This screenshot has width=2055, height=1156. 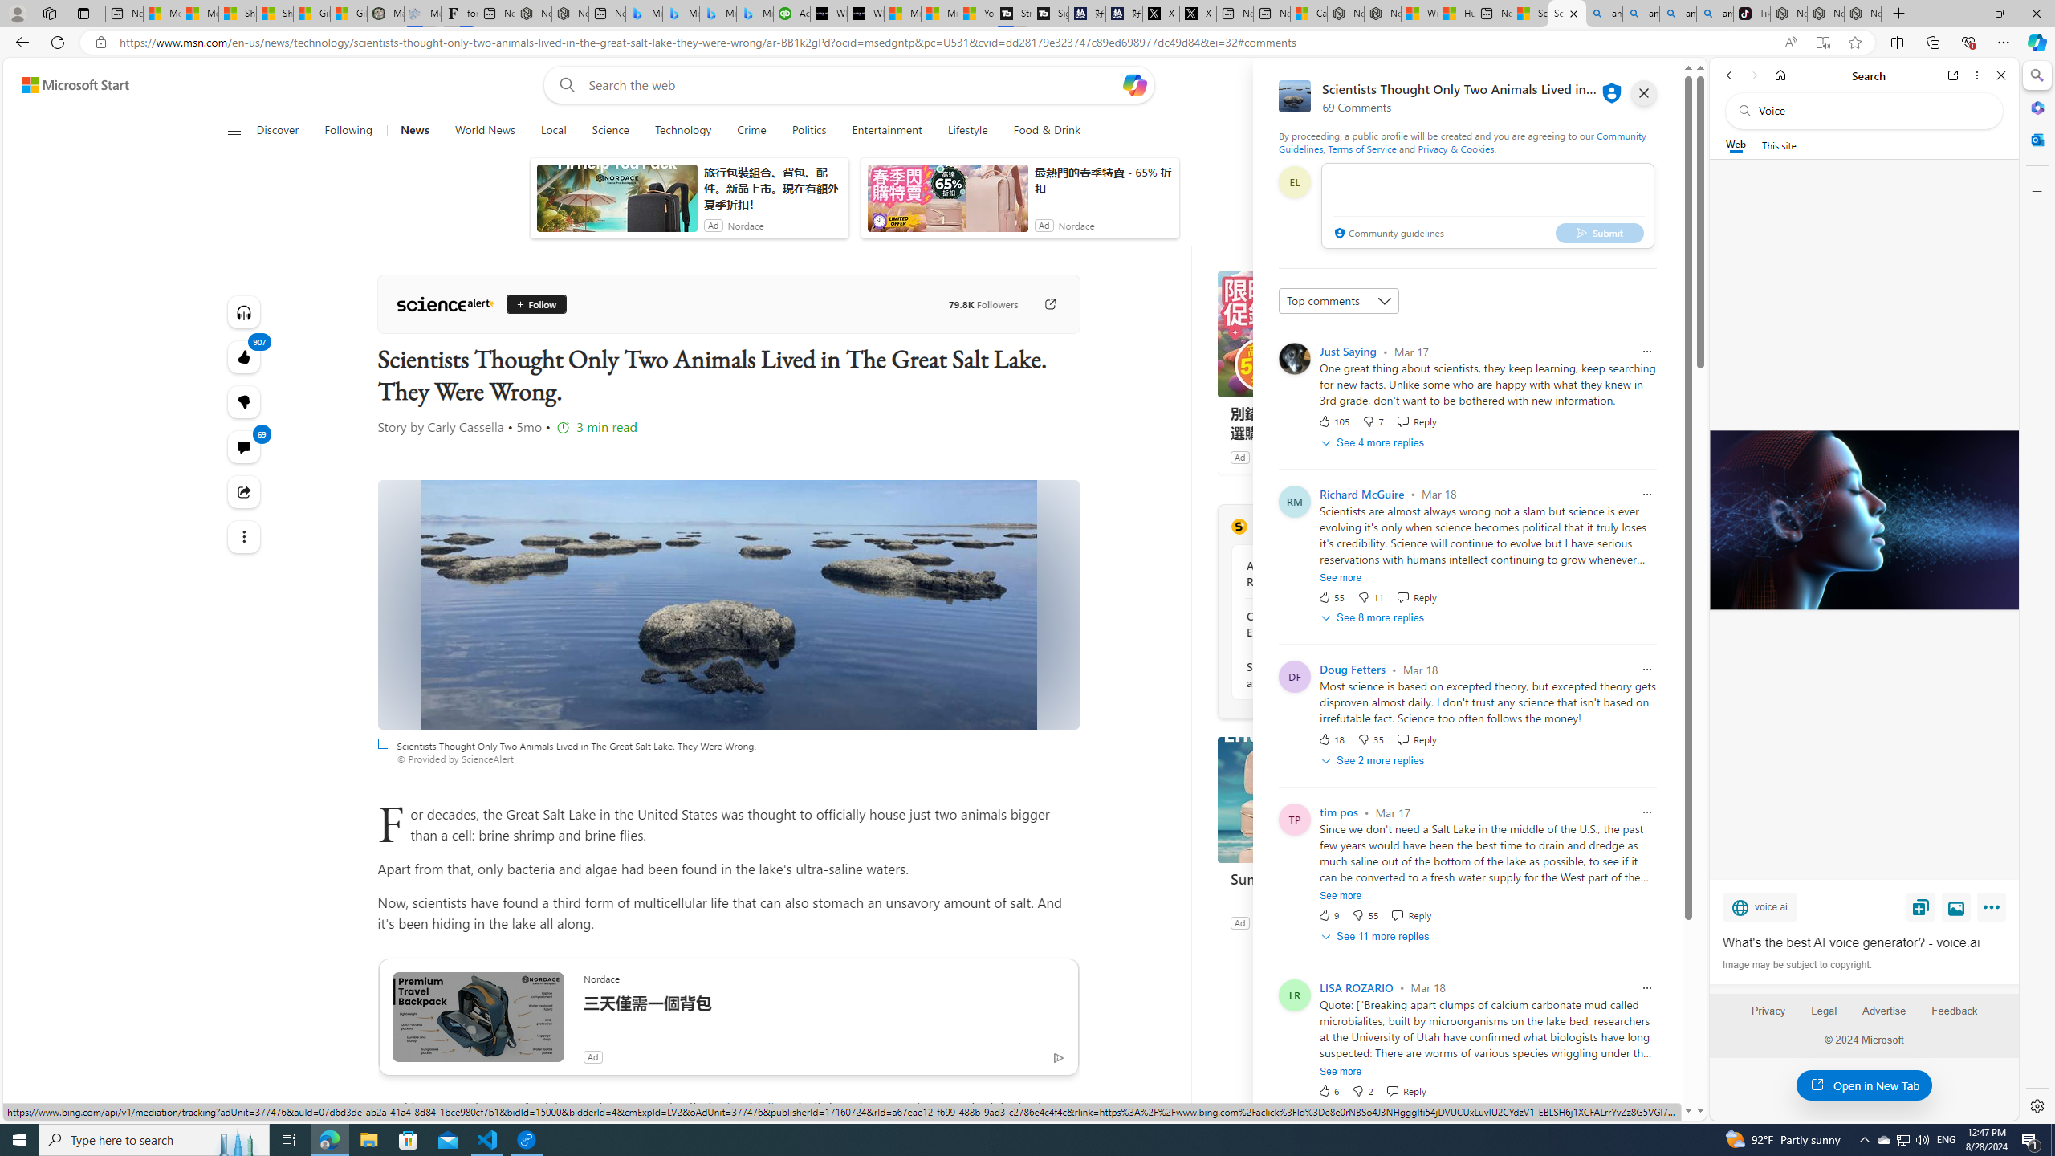 I want to click on 'Legal', so click(x=1823, y=1011).